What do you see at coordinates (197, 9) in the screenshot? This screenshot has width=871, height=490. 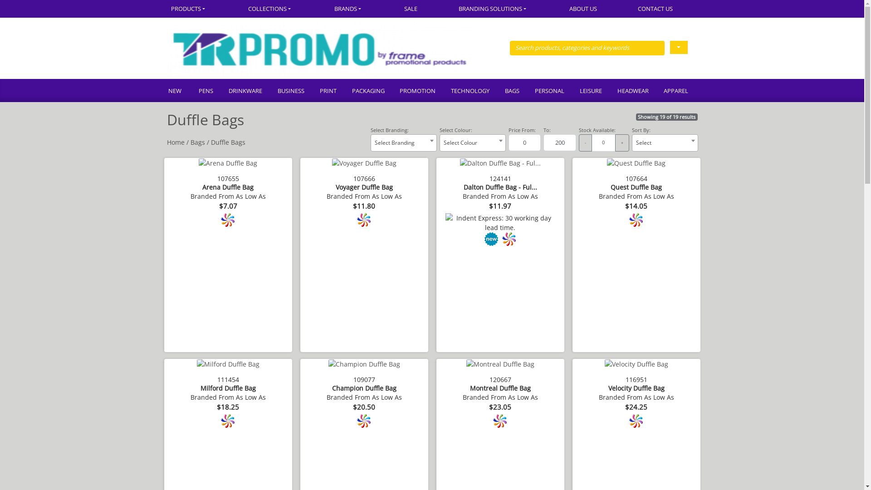 I see `'PRODUCTS'` at bounding box center [197, 9].